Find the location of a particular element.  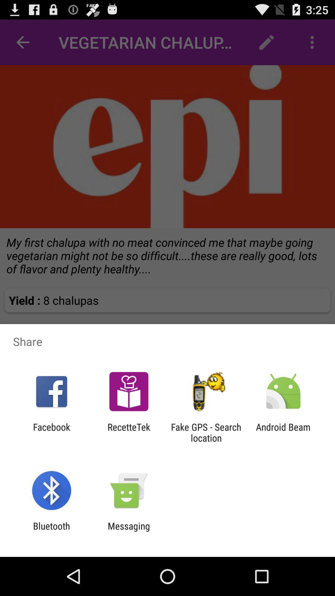

item to the right of the facebook app is located at coordinates (128, 432).